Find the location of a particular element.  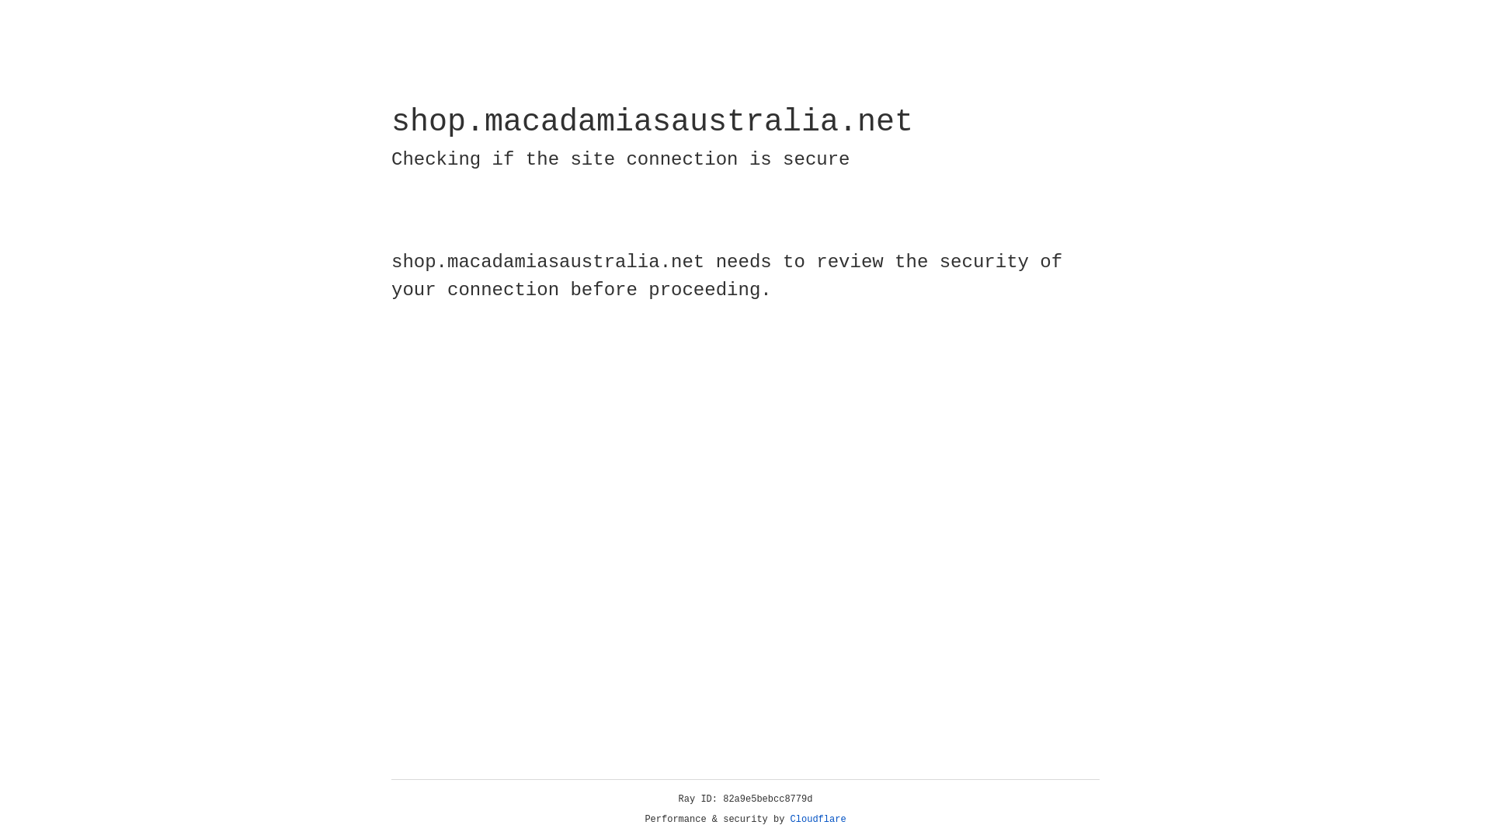

'Cloudflare' is located at coordinates (790, 819).